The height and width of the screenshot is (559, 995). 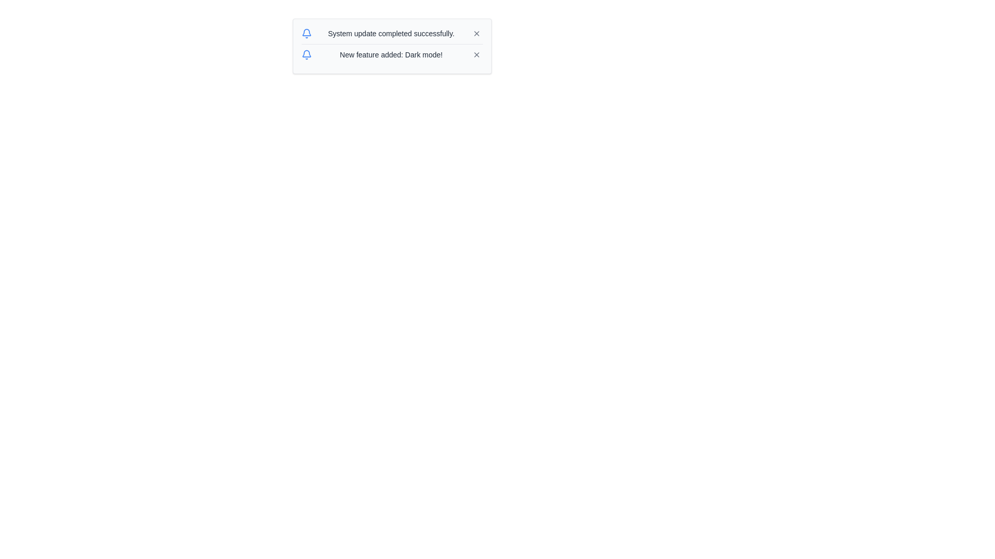 I want to click on the bell icon located at the far left of the row that contains the text 'System update completed successfully' for actions related to notifications, so click(x=306, y=33).